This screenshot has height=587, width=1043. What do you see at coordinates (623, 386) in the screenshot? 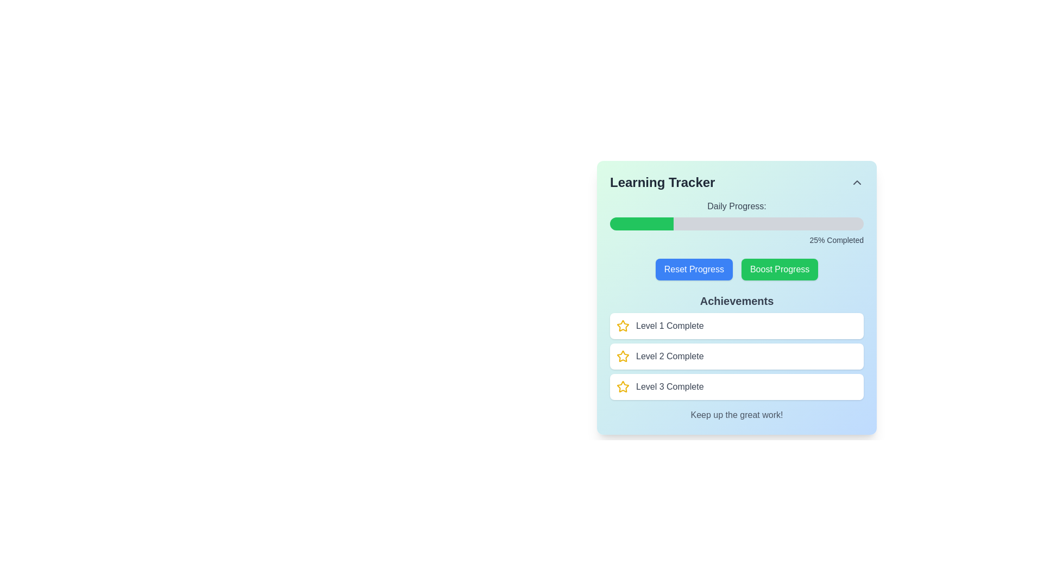
I see `the stylized star icon outlined in yellow, which is located on the left side of the 'Level 3 Complete' card` at bounding box center [623, 386].